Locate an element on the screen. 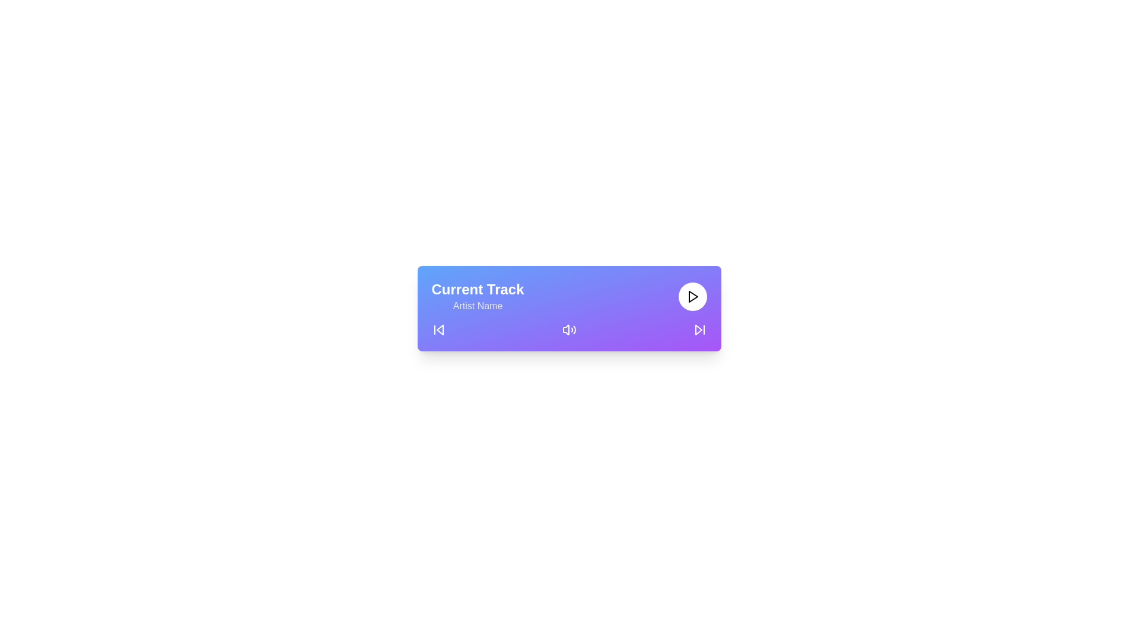 Image resolution: width=1139 pixels, height=641 pixels. the white speaker icon against a purple gradient background to adjust the volume is located at coordinates (568, 329).